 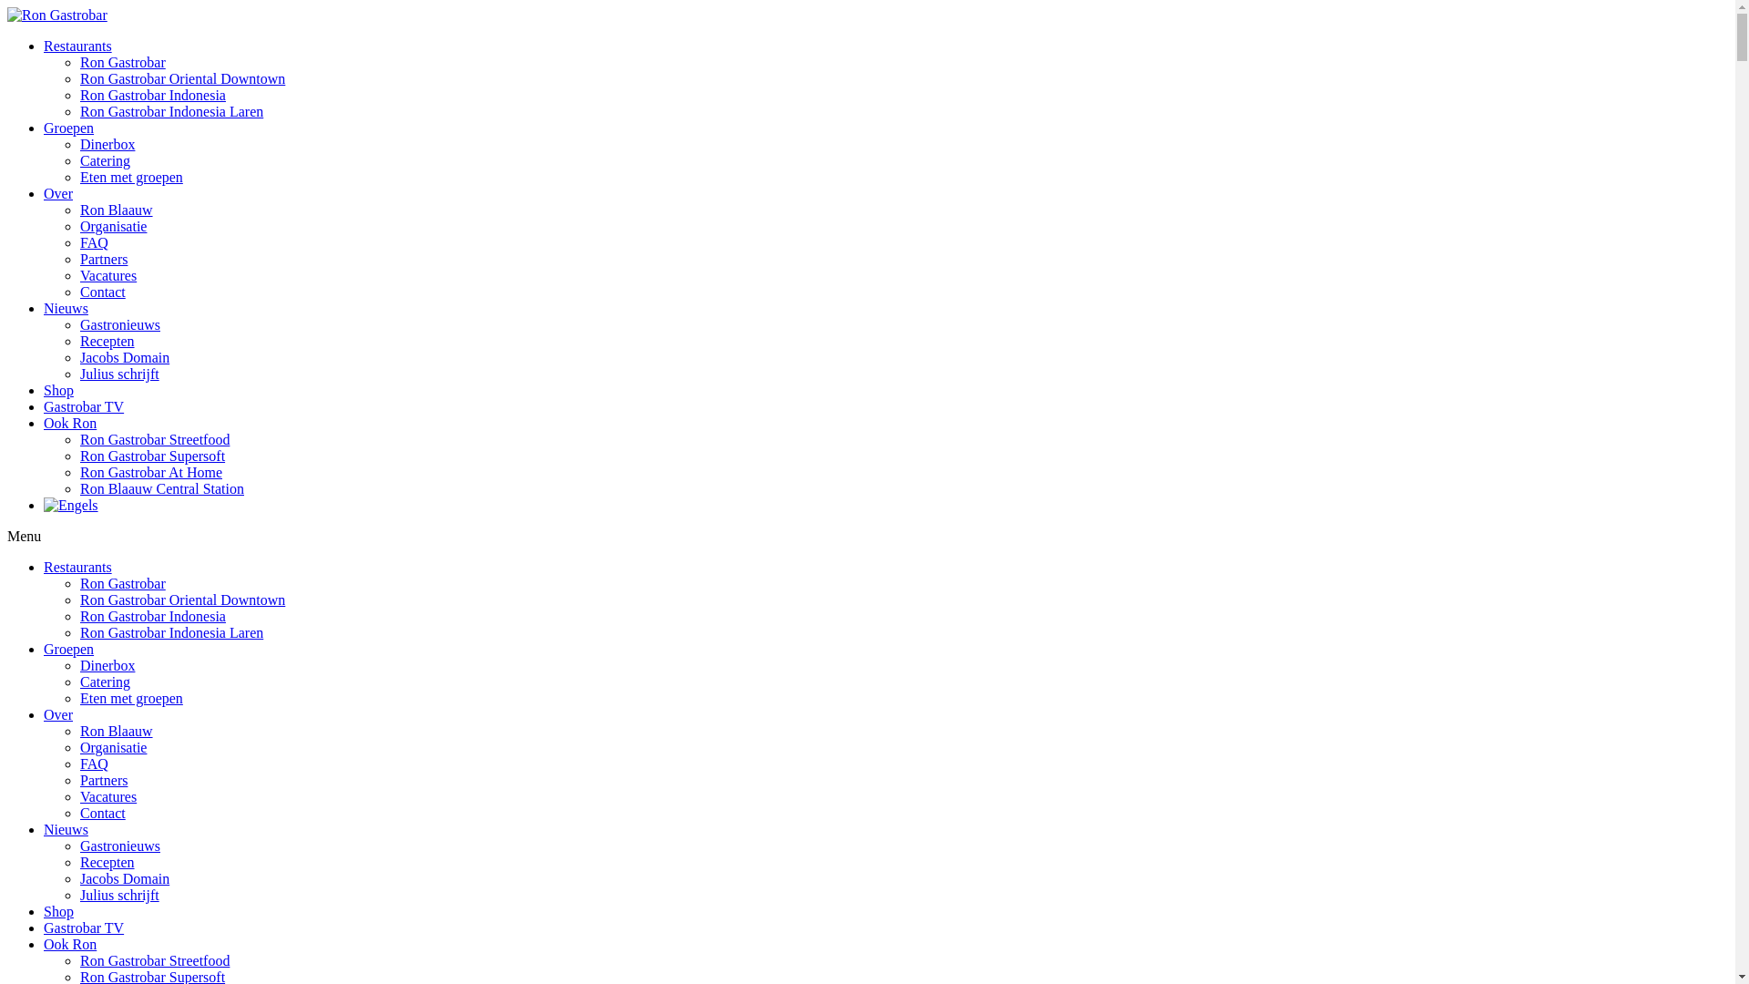 I want to click on 'Gastrobar TV', so click(x=82, y=928).